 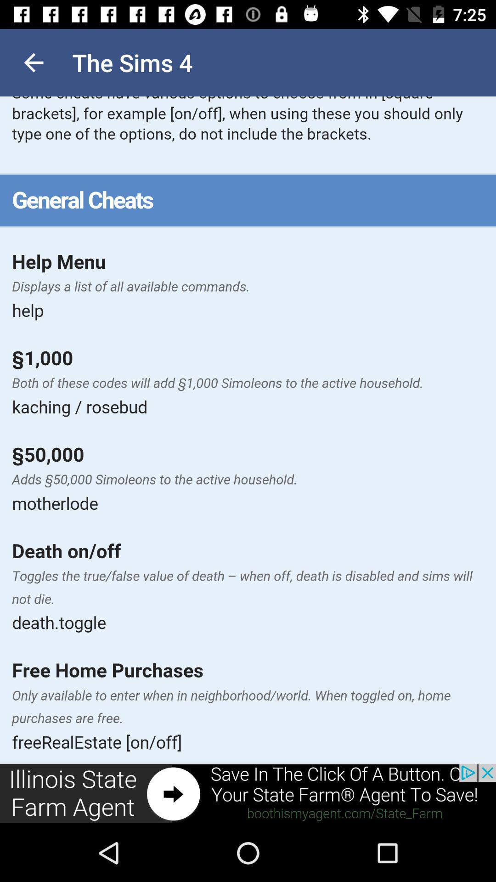 What do you see at coordinates (248, 793) in the screenshot?
I see `advertisement area` at bounding box center [248, 793].